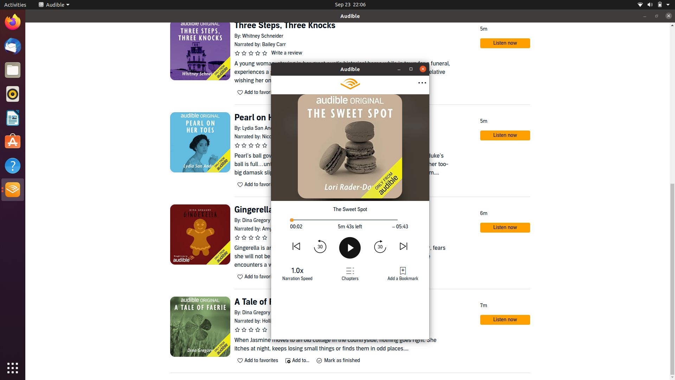  Describe the element at coordinates (403, 273) in the screenshot. I see `Bookmark the current browser page` at that location.